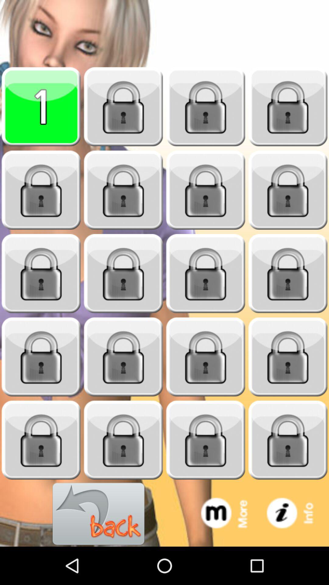  Describe the element at coordinates (288, 190) in the screenshot. I see `next button` at that location.